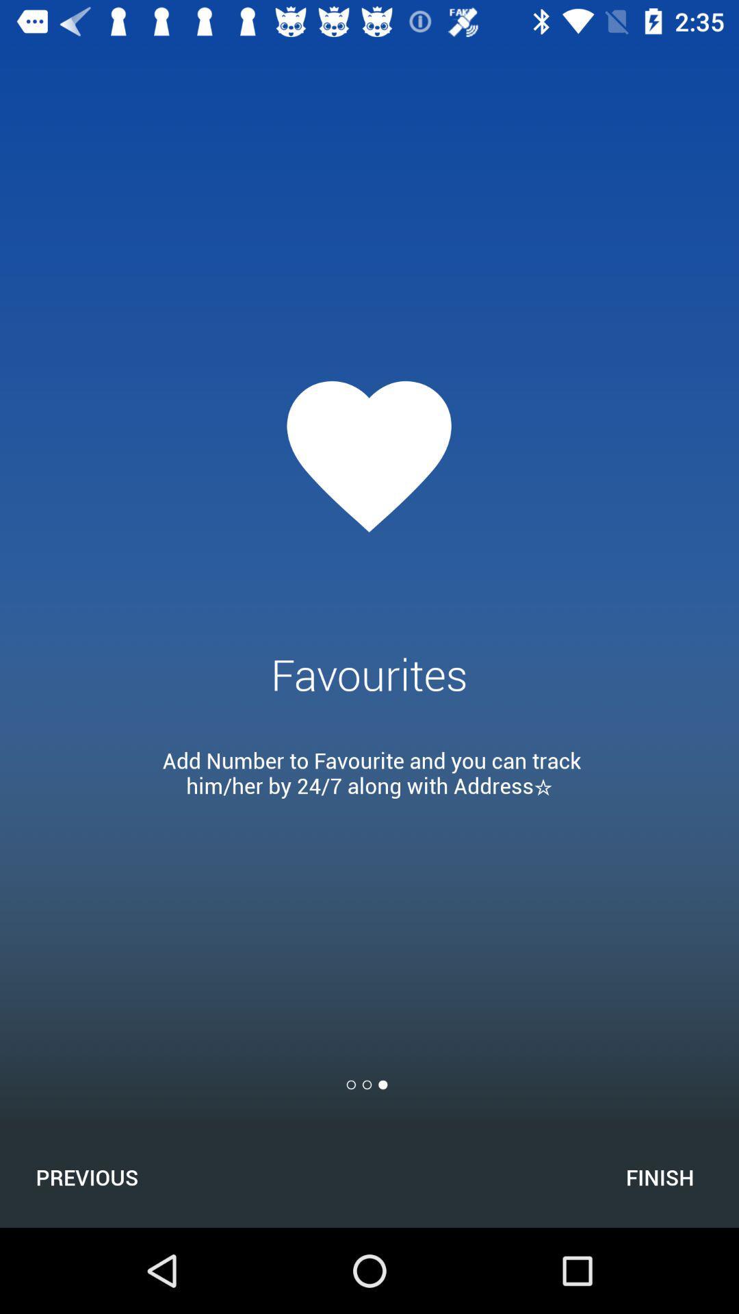 The image size is (739, 1314). Describe the element at coordinates (659, 1176) in the screenshot. I see `finish item` at that location.